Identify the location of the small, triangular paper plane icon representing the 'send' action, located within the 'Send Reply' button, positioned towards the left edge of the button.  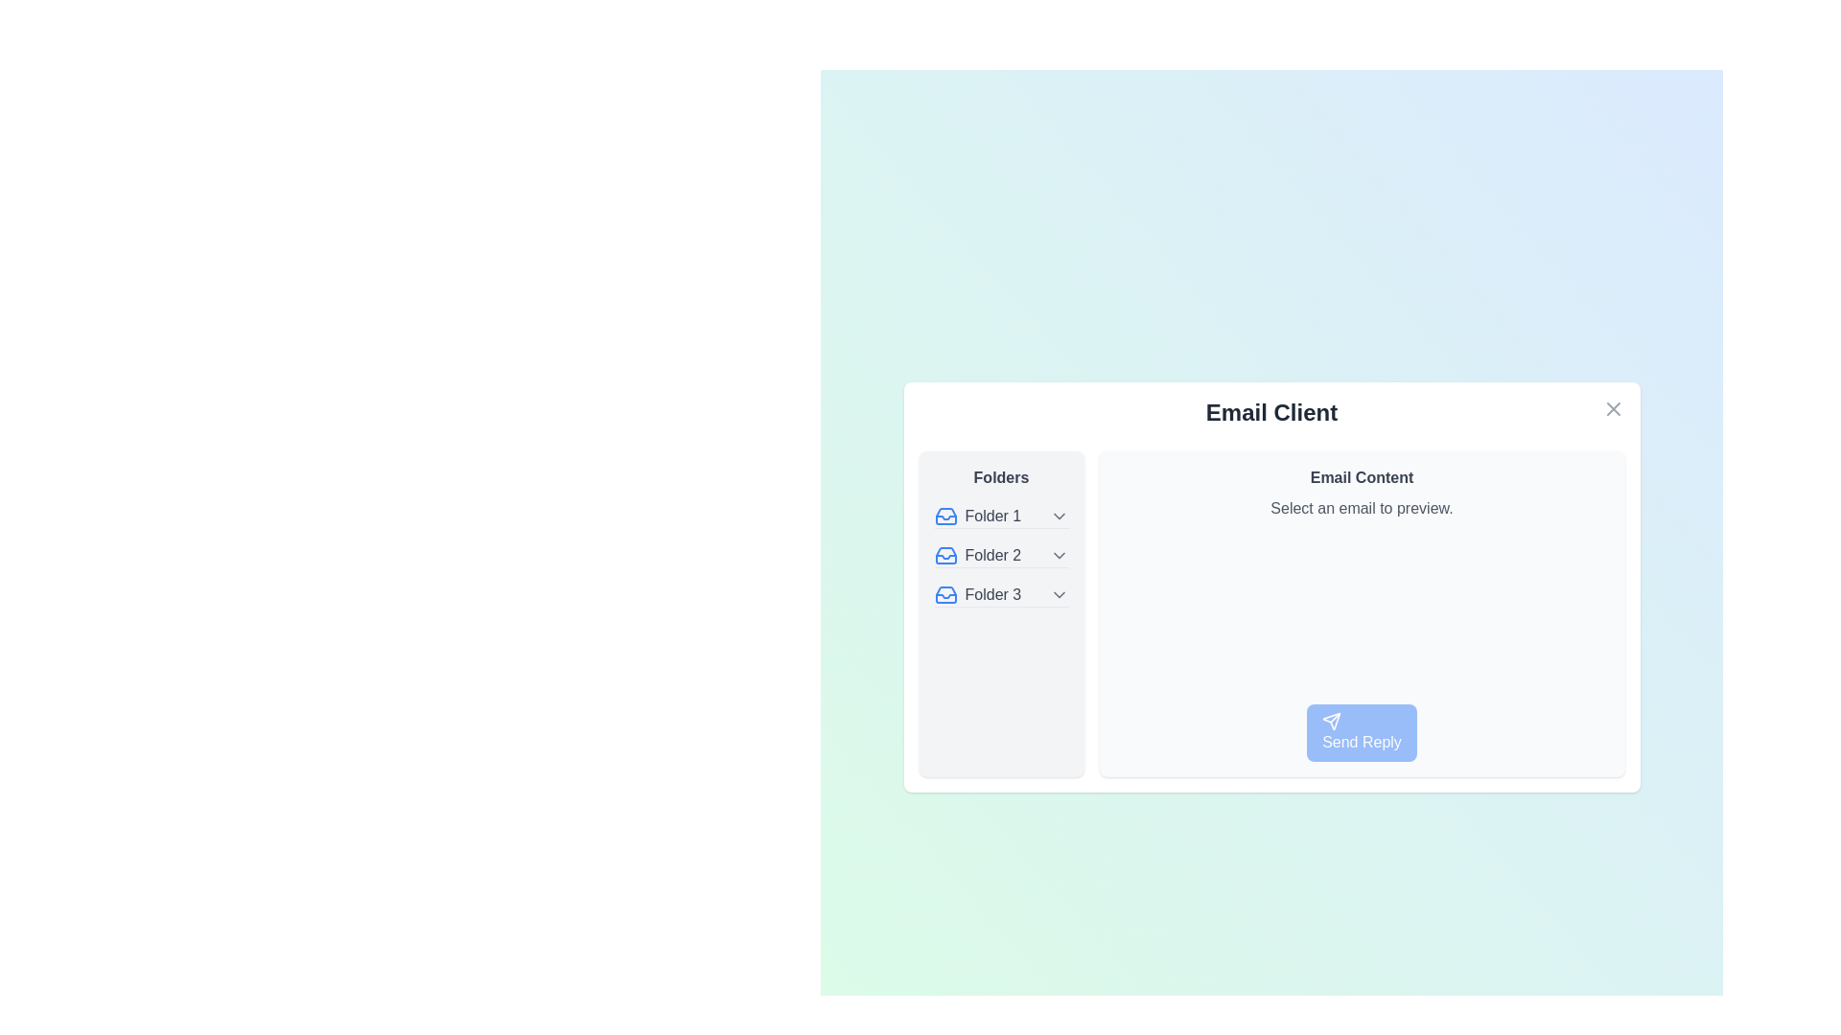
(1331, 721).